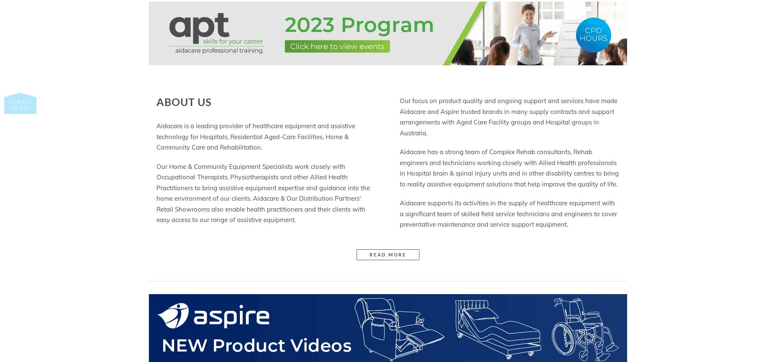 The image size is (776, 362). I want to click on 'Read More', so click(369, 253).